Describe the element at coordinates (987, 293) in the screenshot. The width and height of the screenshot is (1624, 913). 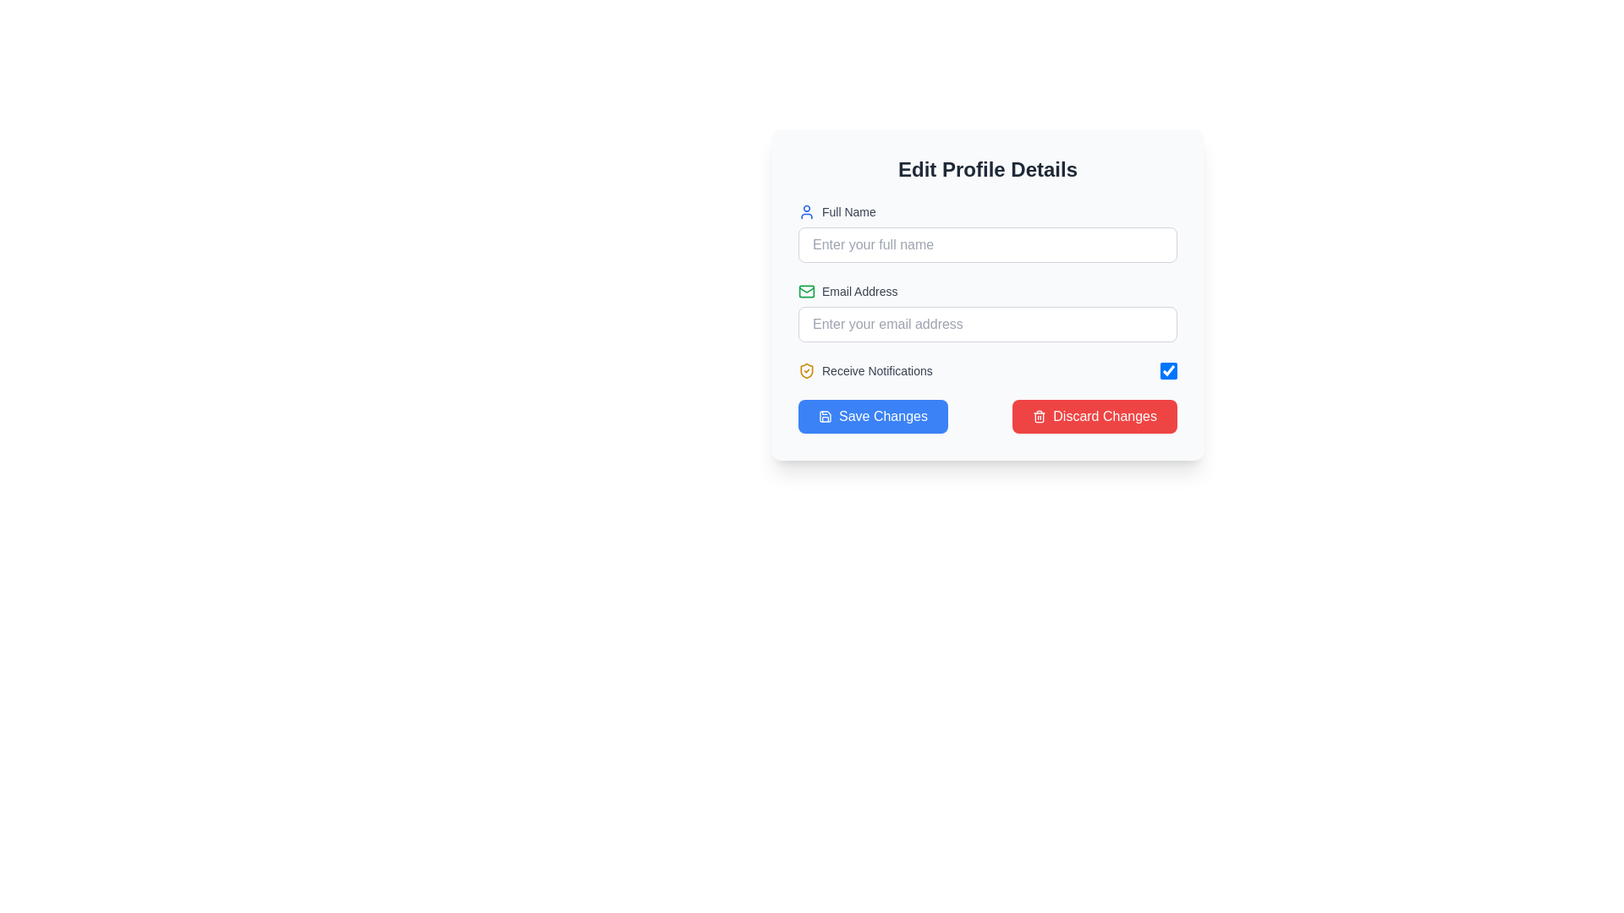
I see `the Form section styled with a light gray background and drop shadow, located centrally below the title 'Edit Profile Details'` at that location.